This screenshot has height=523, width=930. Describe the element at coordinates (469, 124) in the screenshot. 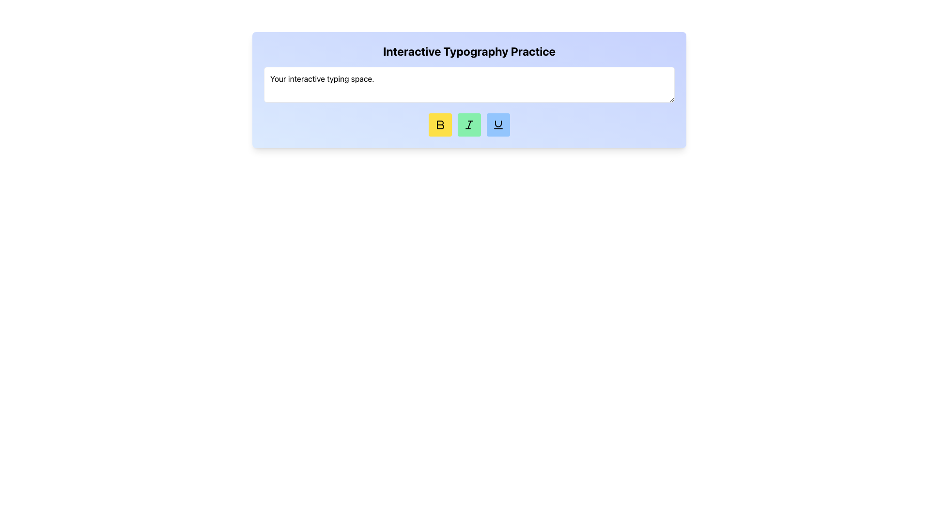

I see `the italic Icon button located between the bold 'B' yellow button and the underline 'U' blue button` at that location.